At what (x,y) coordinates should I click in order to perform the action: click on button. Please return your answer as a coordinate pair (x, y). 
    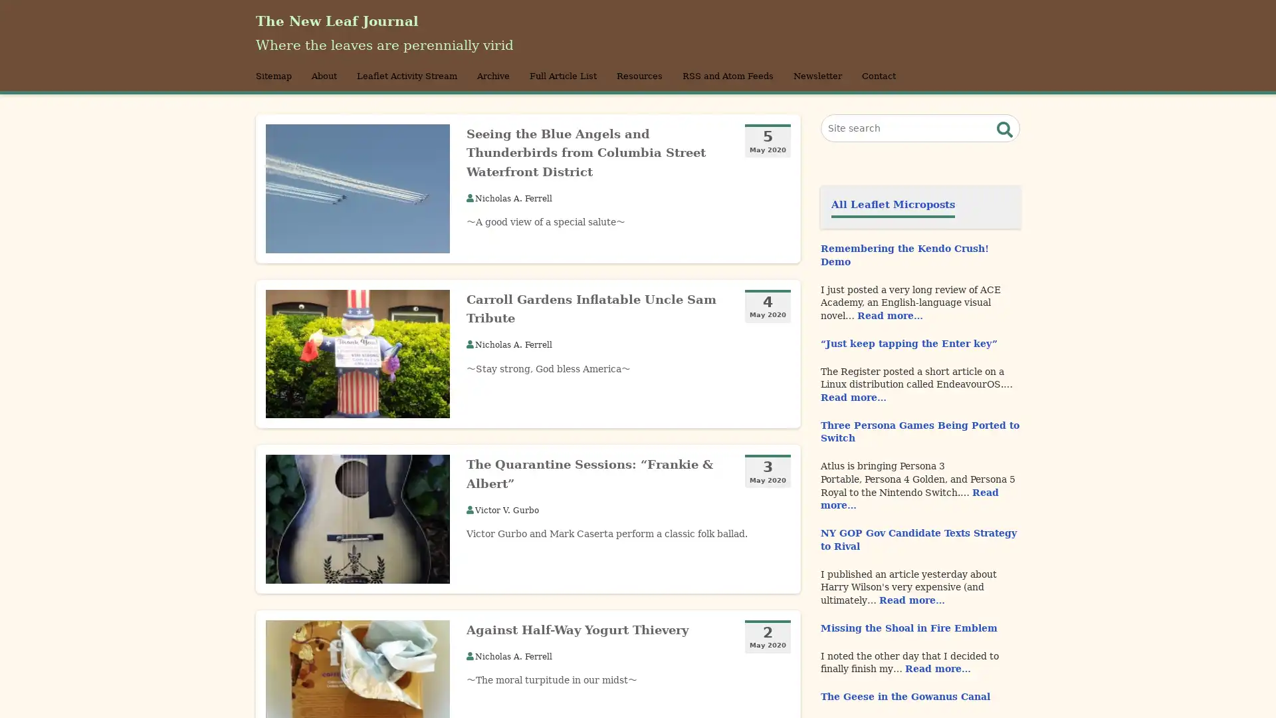
    Looking at the image, I should click on (1005, 148).